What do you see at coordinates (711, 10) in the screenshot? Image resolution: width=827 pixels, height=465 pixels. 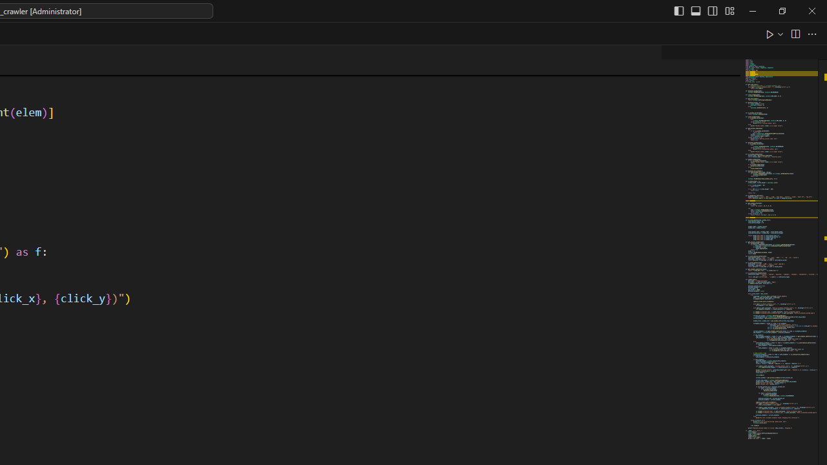 I see `'Toggle Secondary Side Bar (Ctrl+Alt+B)'` at bounding box center [711, 10].